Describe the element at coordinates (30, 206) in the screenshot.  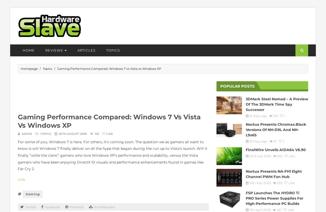
I see `'Twitter'` at that location.